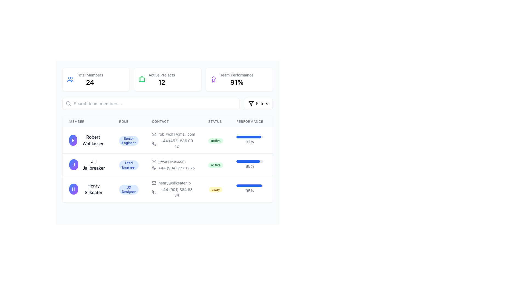 Image resolution: width=526 pixels, height=296 pixels. I want to click on the small pill-shaped label with green text 'active' on a light green background located in the 'Status' column of the first row, adjacent to the 'Performance' column, so click(215, 140).